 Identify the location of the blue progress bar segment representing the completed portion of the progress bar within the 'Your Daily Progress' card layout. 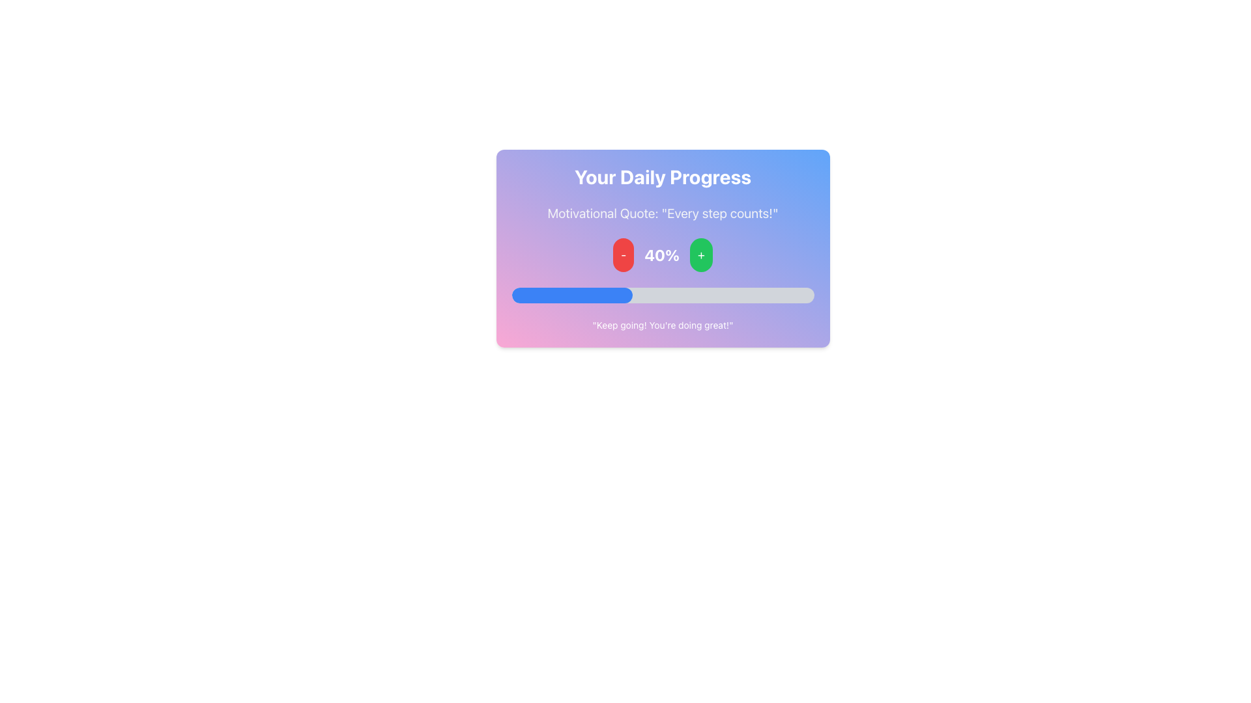
(572, 296).